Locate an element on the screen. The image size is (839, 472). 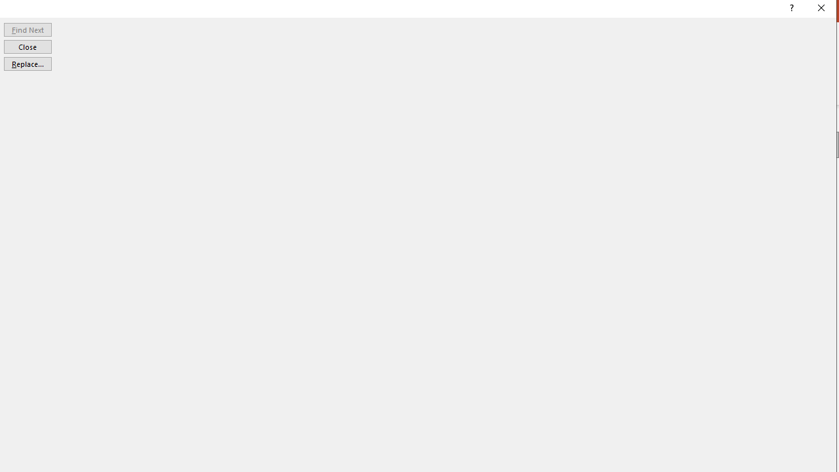
'Context help' is located at coordinates (790, 10).